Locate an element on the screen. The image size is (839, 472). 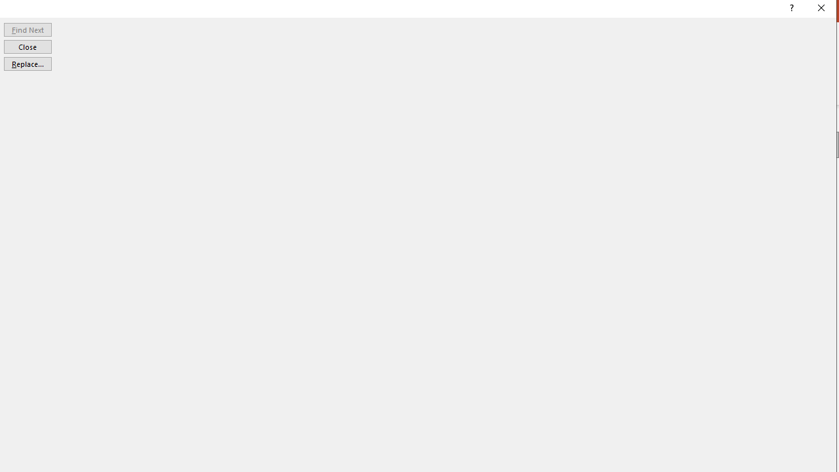
'Context help' is located at coordinates (790, 10).